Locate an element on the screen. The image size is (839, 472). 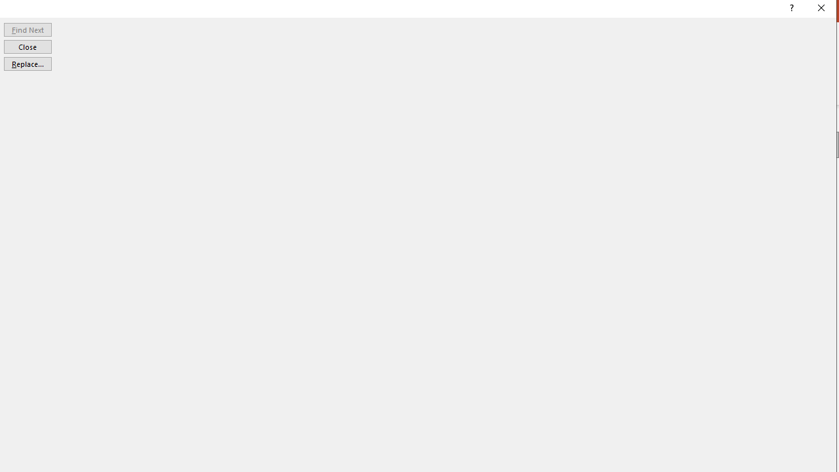
'Context help' is located at coordinates (790, 10).